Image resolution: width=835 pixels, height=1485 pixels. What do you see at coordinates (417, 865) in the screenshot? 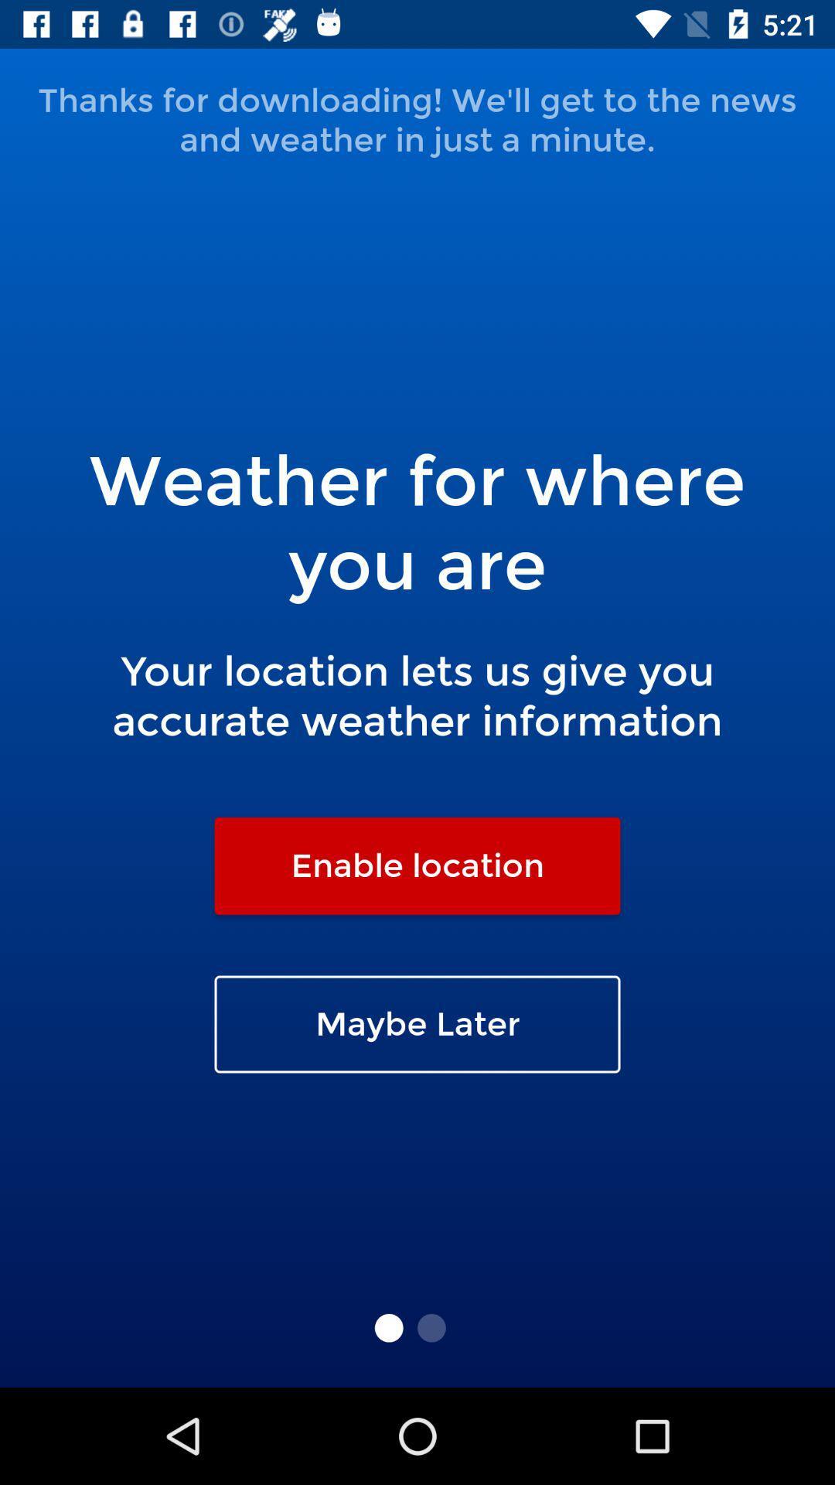
I see `the enable location item` at bounding box center [417, 865].